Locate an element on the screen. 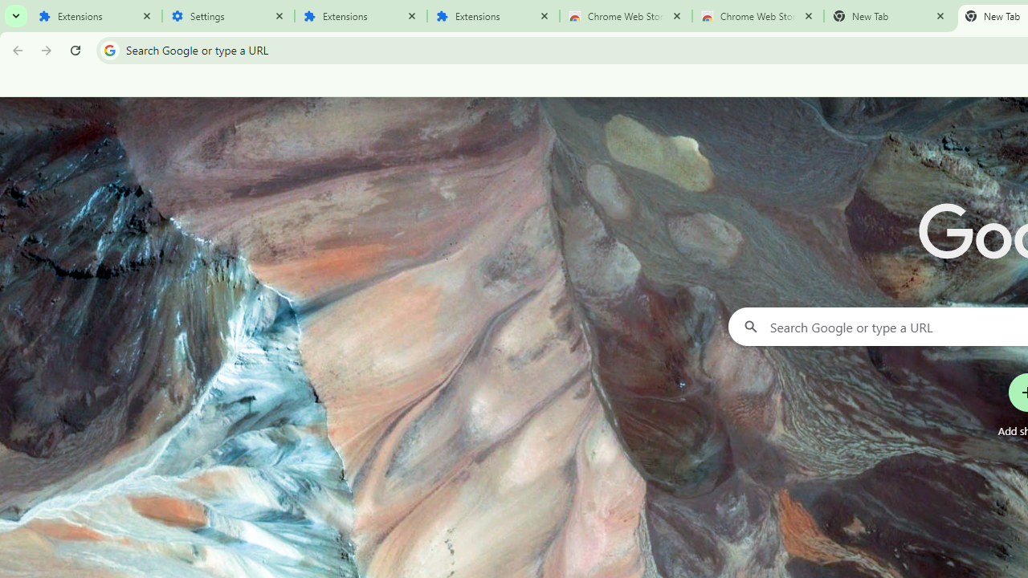 The image size is (1028, 578). 'Chrome Web Store - Themes' is located at coordinates (757, 16).